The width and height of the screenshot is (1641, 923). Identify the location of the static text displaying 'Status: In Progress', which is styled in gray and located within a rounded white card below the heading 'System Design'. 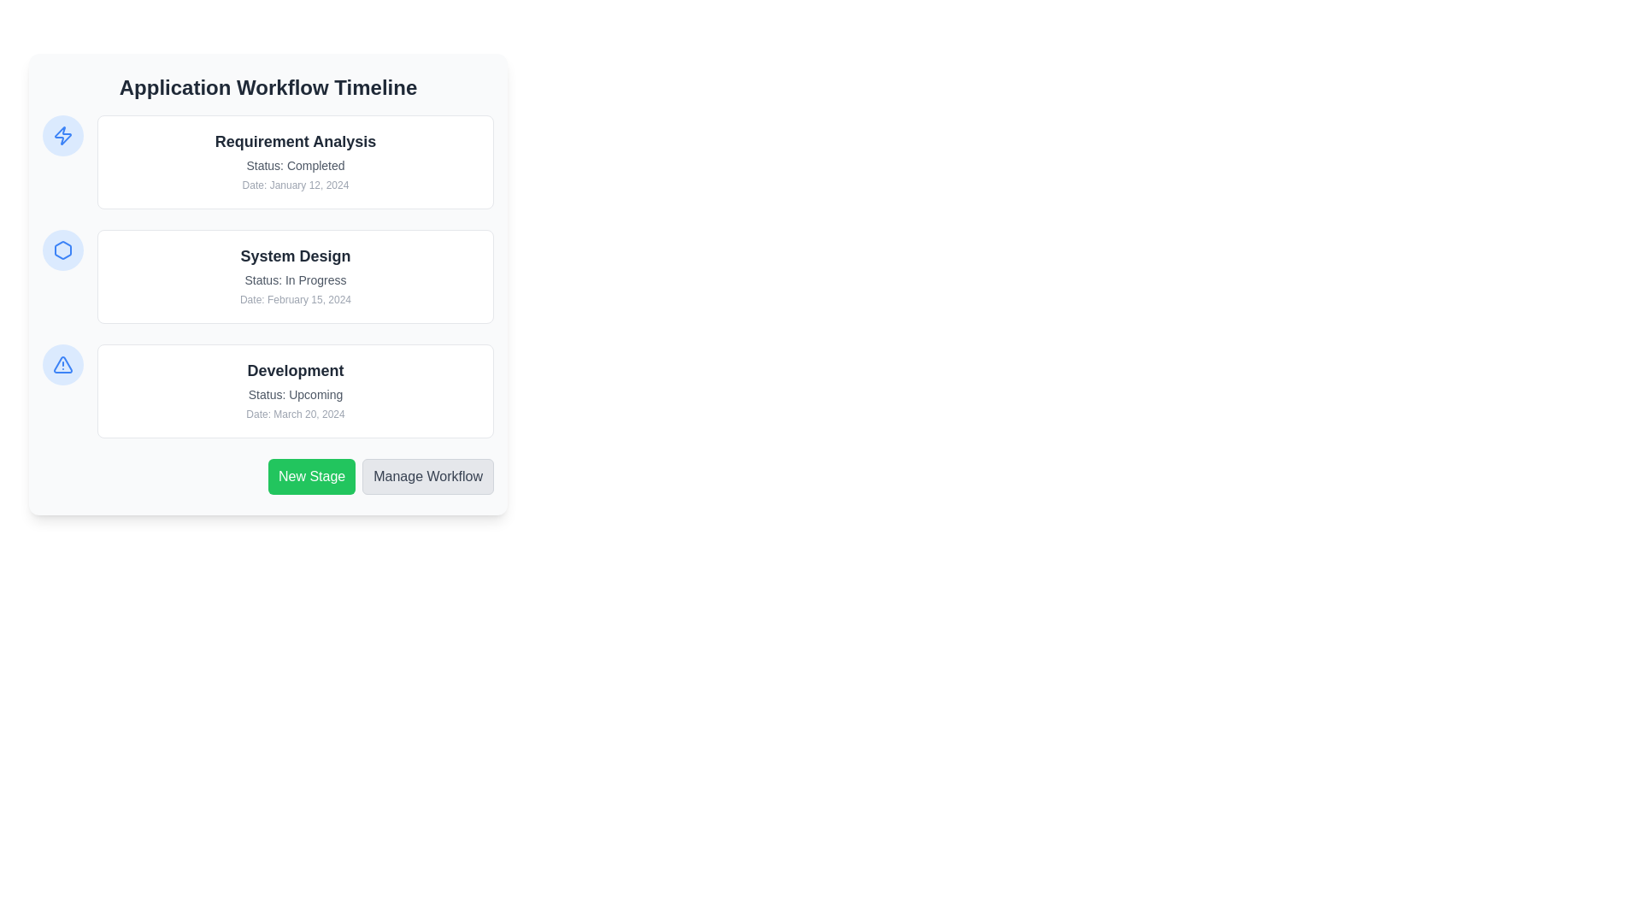
(295, 279).